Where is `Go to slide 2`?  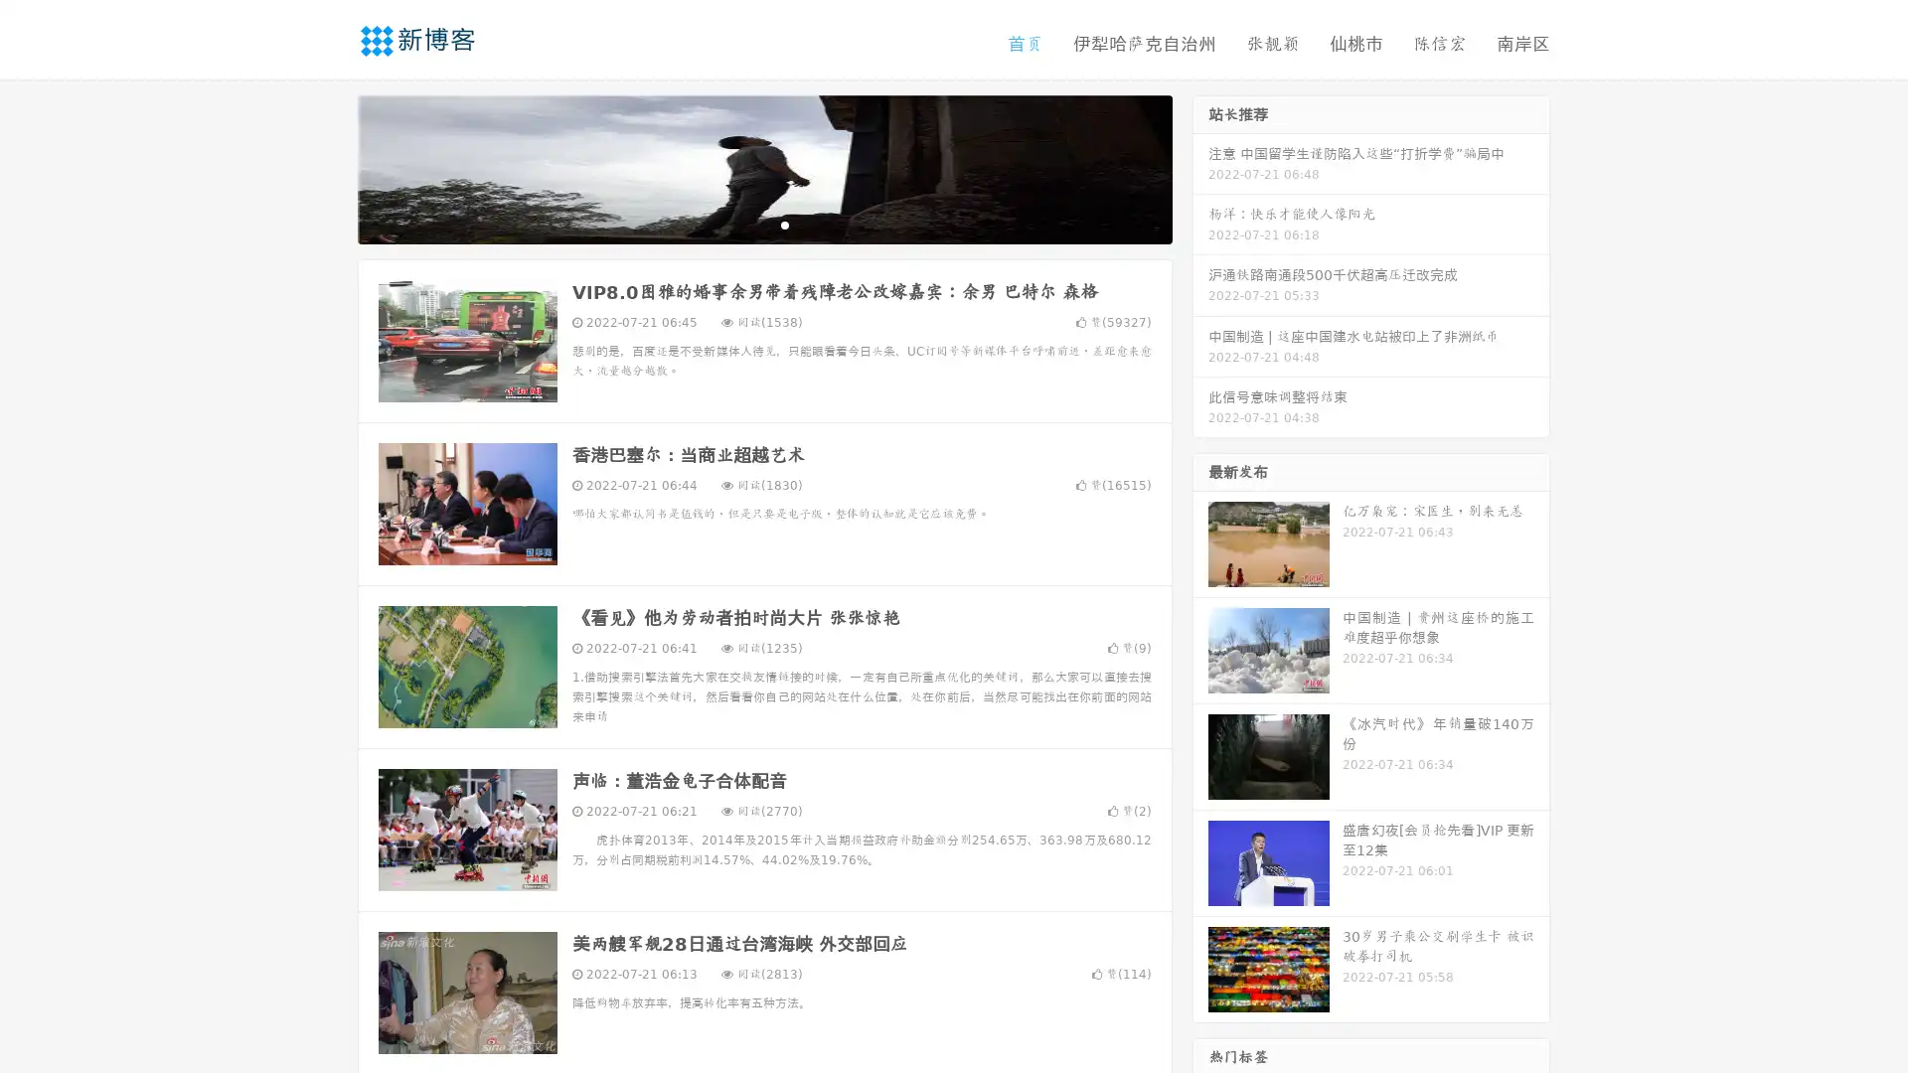
Go to slide 2 is located at coordinates (763, 224).